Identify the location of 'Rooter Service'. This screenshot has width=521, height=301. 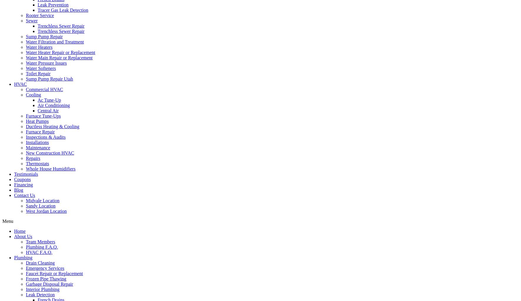
(40, 15).